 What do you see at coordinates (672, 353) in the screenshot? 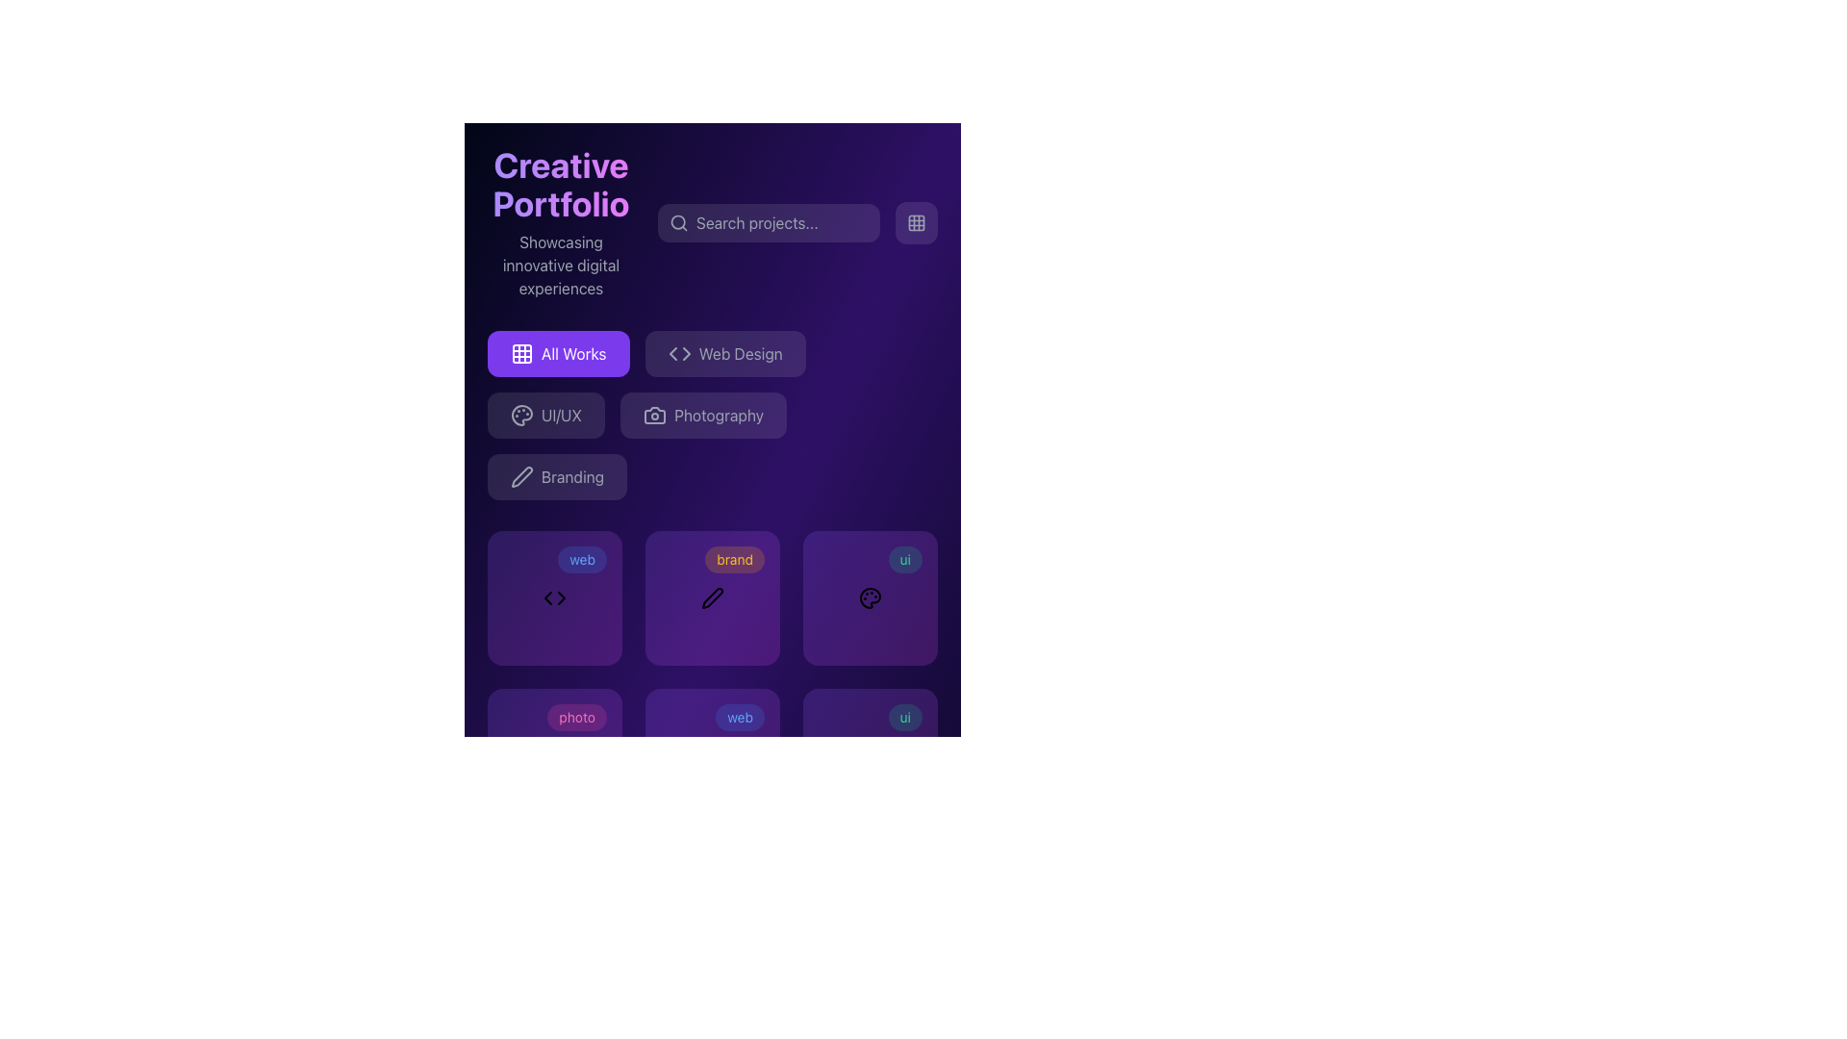
I see `the left-pointing arrow within the 'Web Design' code icon, which is a small triangular-shaped arrow located near the top section of the interface` at bounding box center [672, 353].